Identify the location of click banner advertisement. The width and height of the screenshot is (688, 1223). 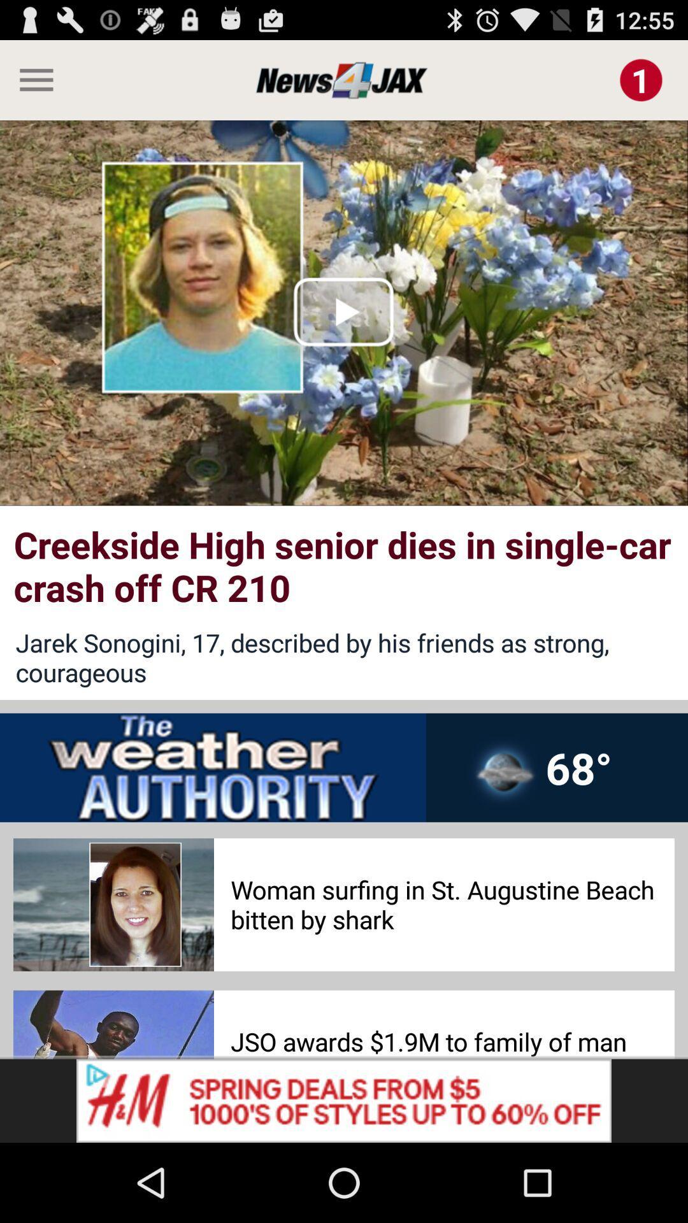
(344, 1100).